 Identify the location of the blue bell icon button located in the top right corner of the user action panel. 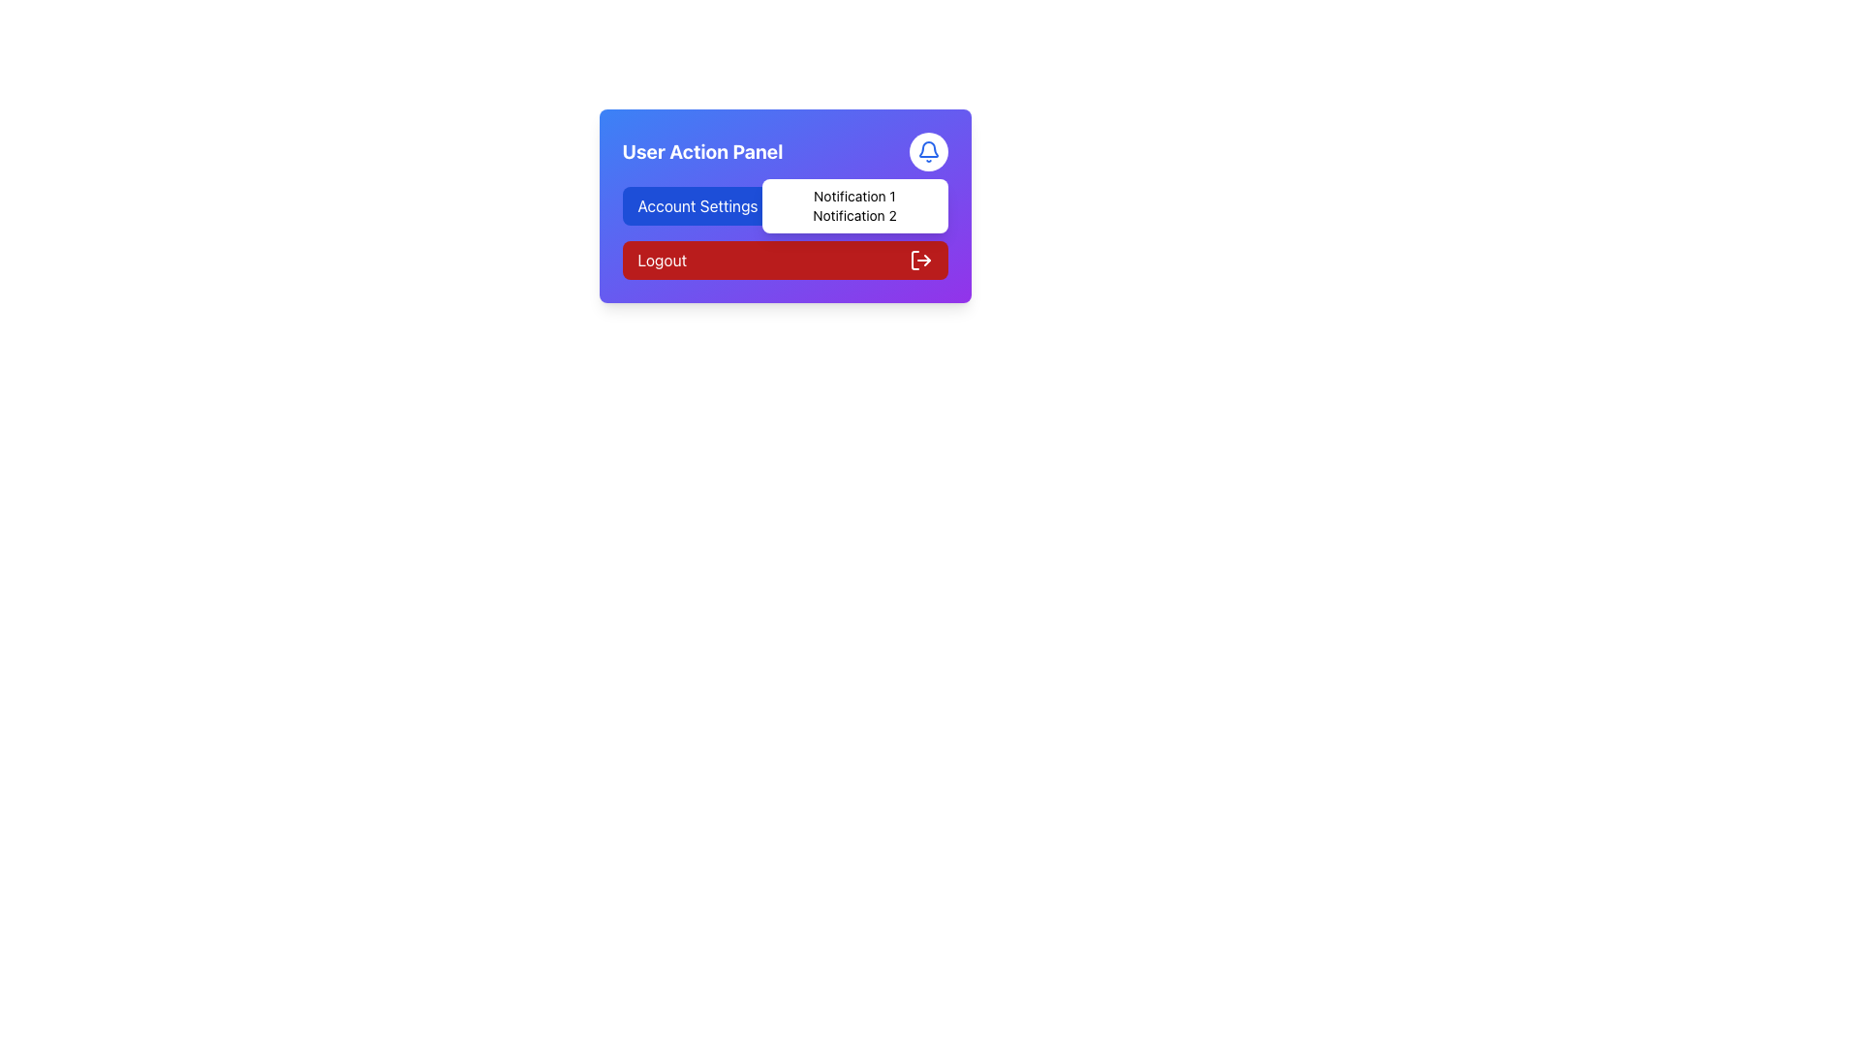
(927, 151).